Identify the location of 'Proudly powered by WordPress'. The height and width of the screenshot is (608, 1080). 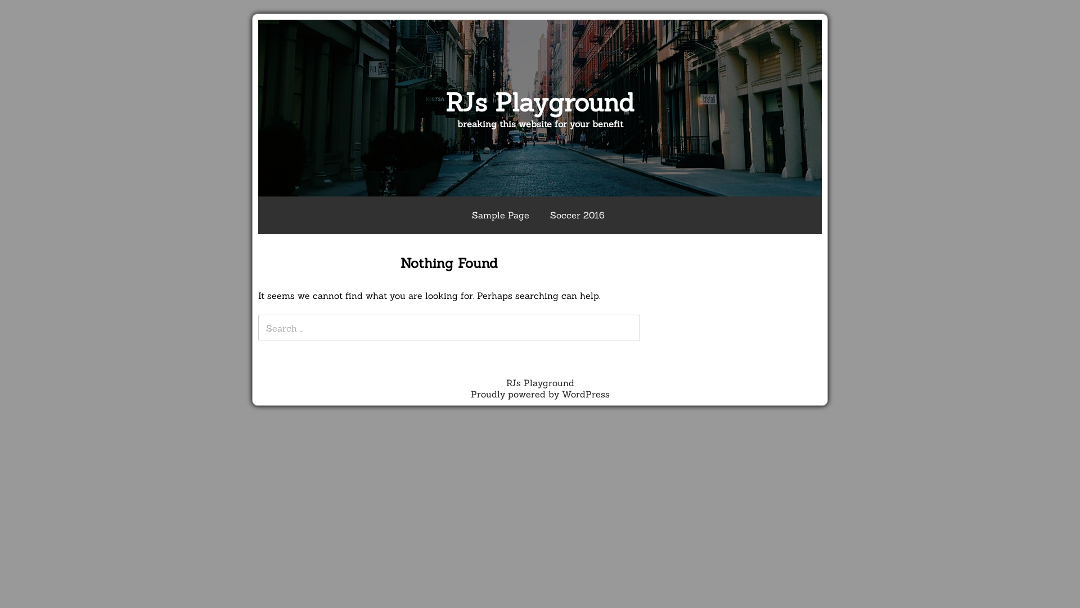
(470, 393).